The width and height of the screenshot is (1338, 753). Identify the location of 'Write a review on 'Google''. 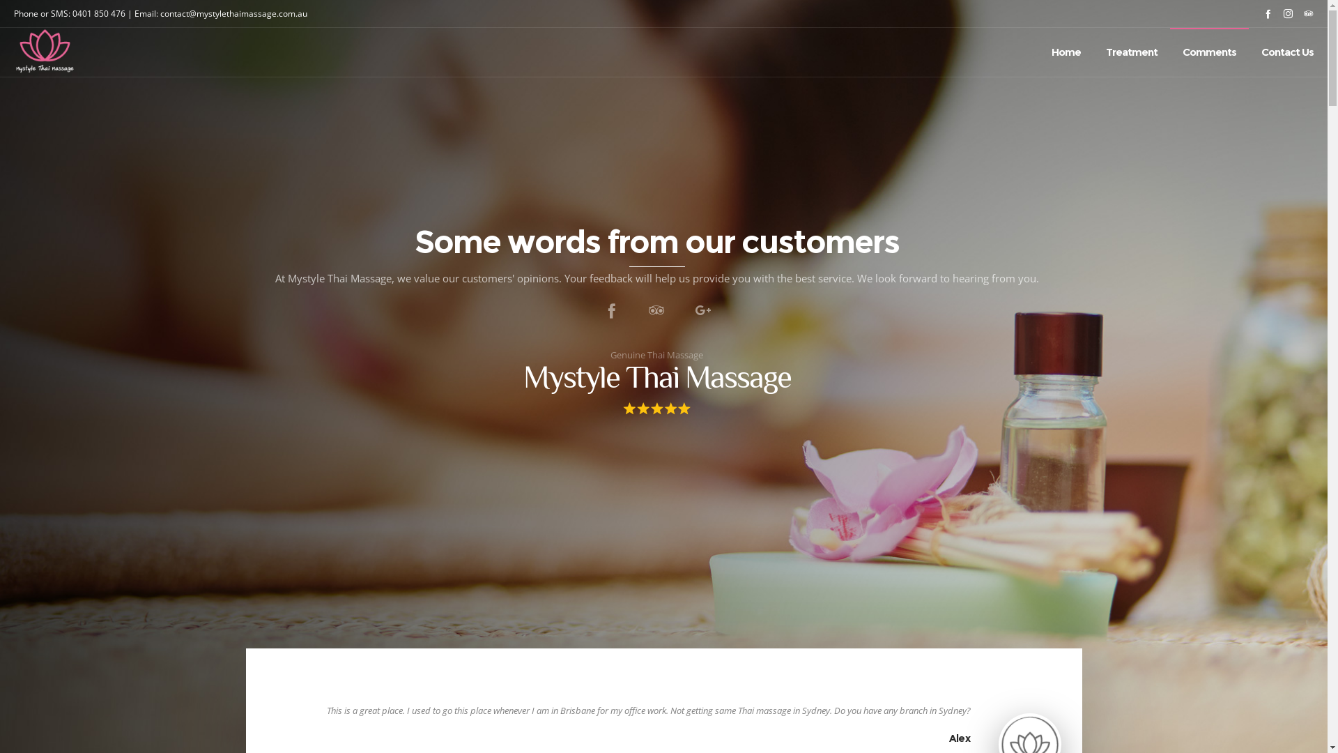
(702, 310).